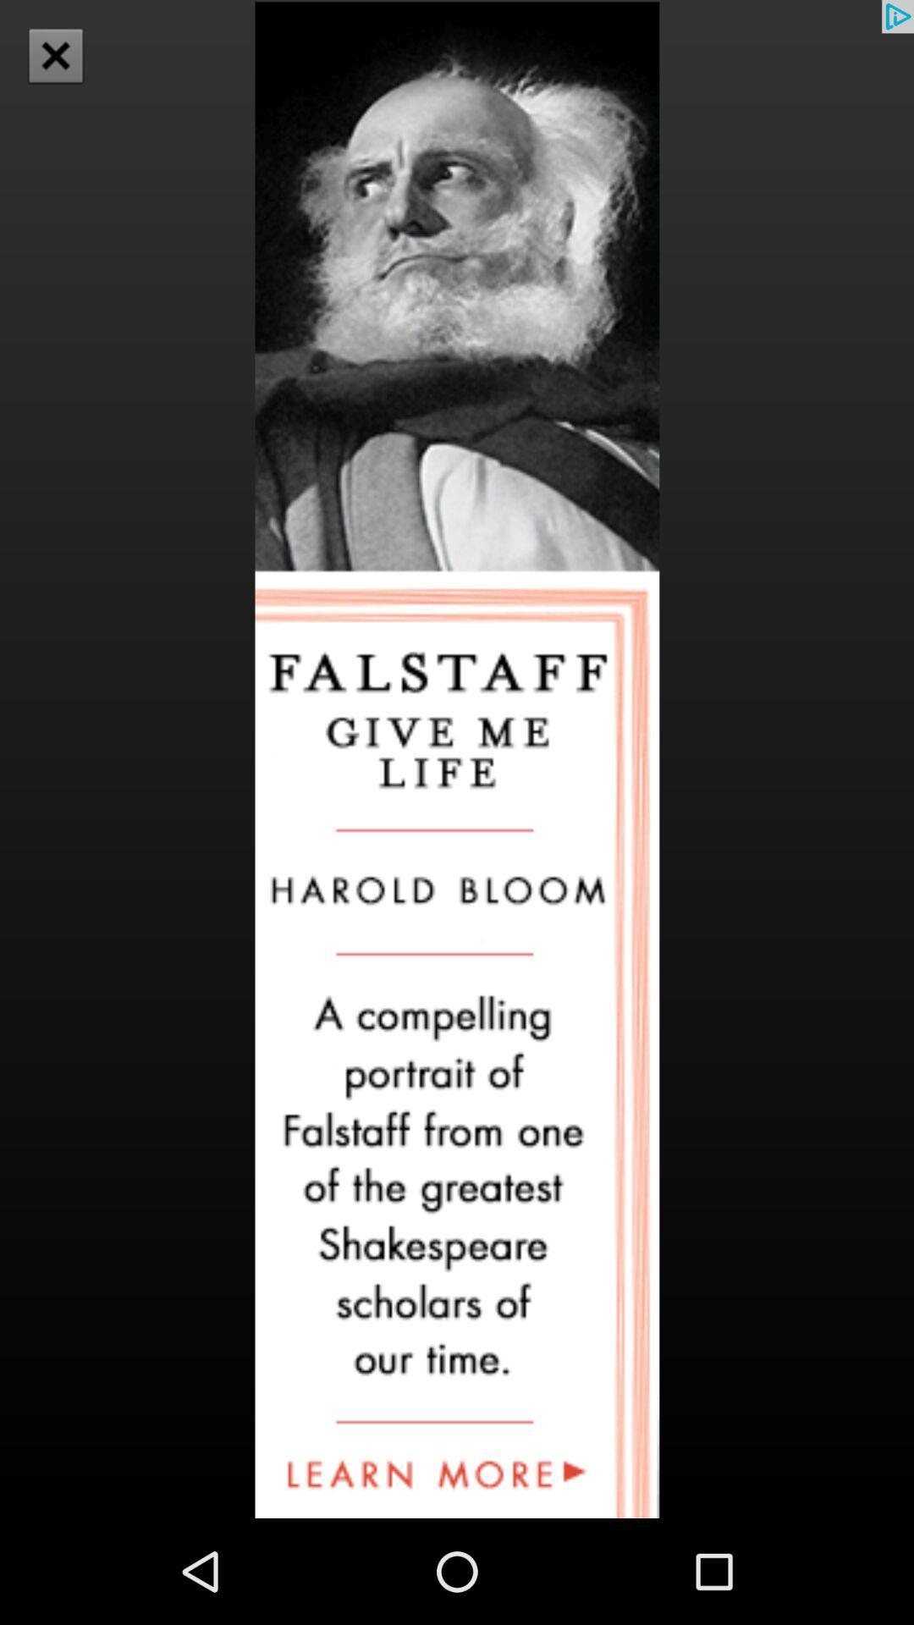 The width and height of the screenshot is (914, 1625). Describe the element at coordinates (54, 59) in the screenshot. I see `the close icon` at that location.